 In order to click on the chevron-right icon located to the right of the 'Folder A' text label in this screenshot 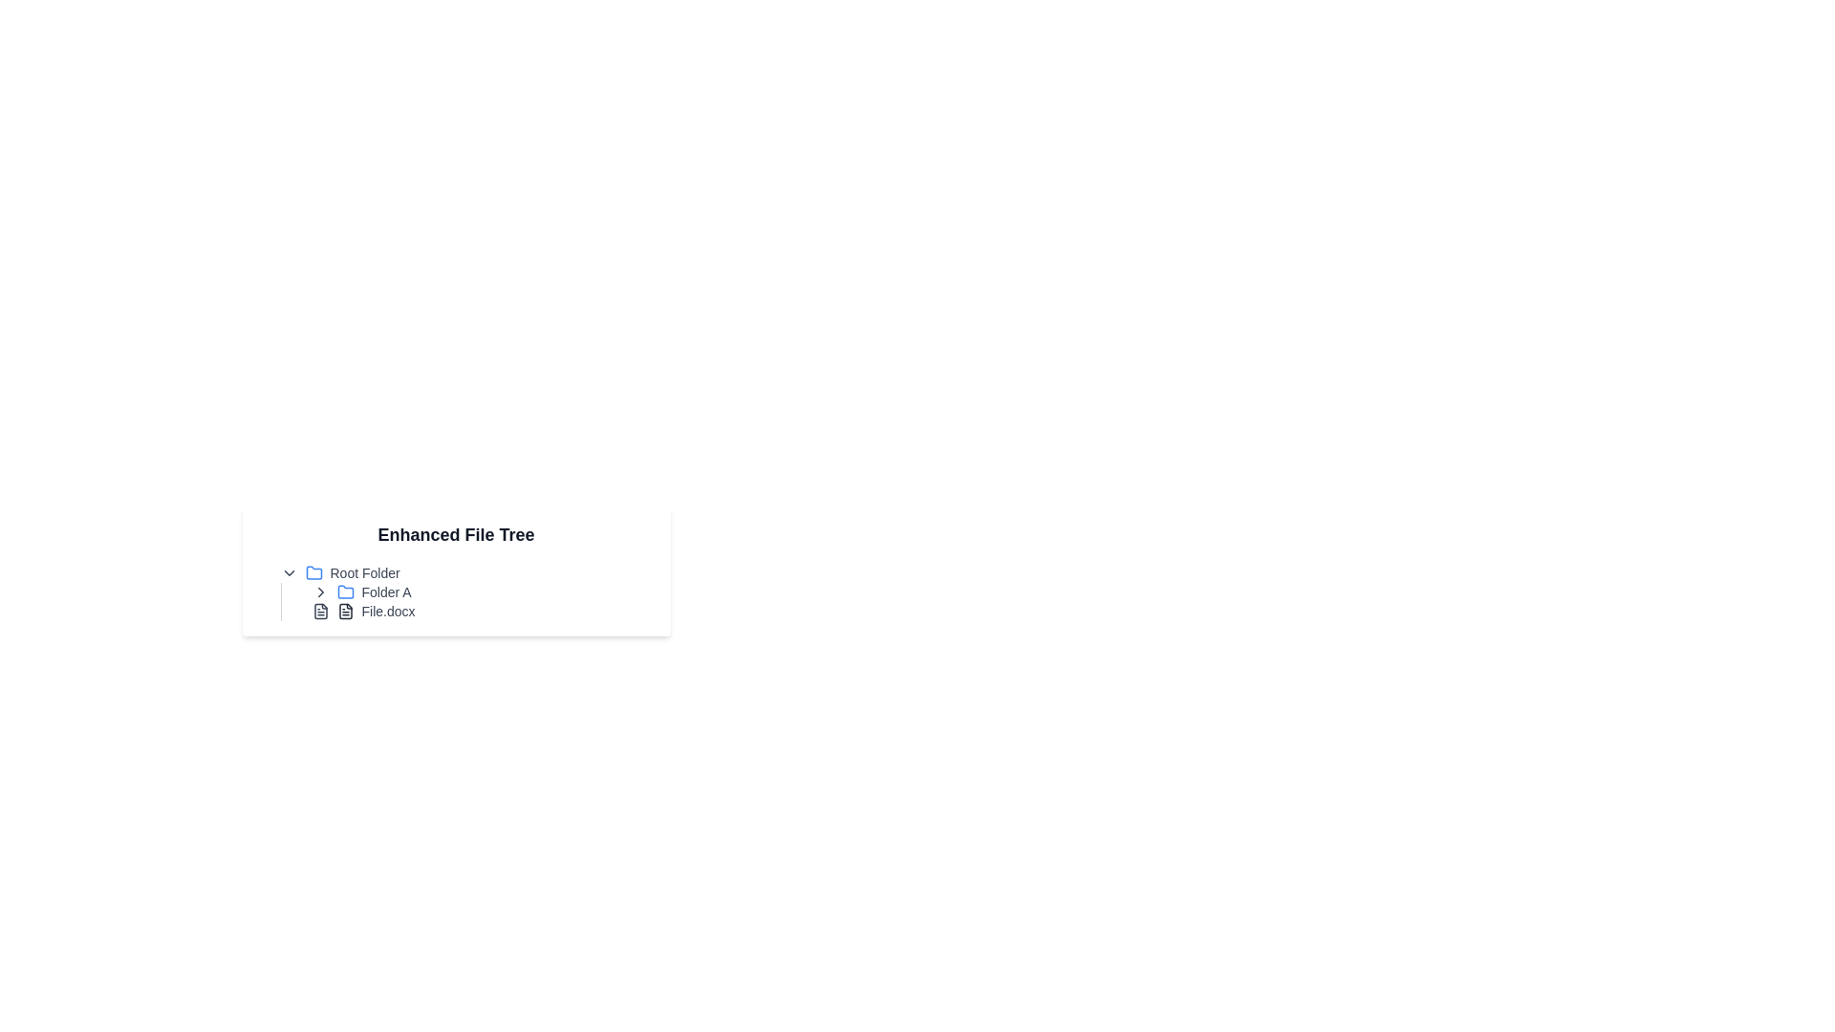, I will do `click(320, 591)`.